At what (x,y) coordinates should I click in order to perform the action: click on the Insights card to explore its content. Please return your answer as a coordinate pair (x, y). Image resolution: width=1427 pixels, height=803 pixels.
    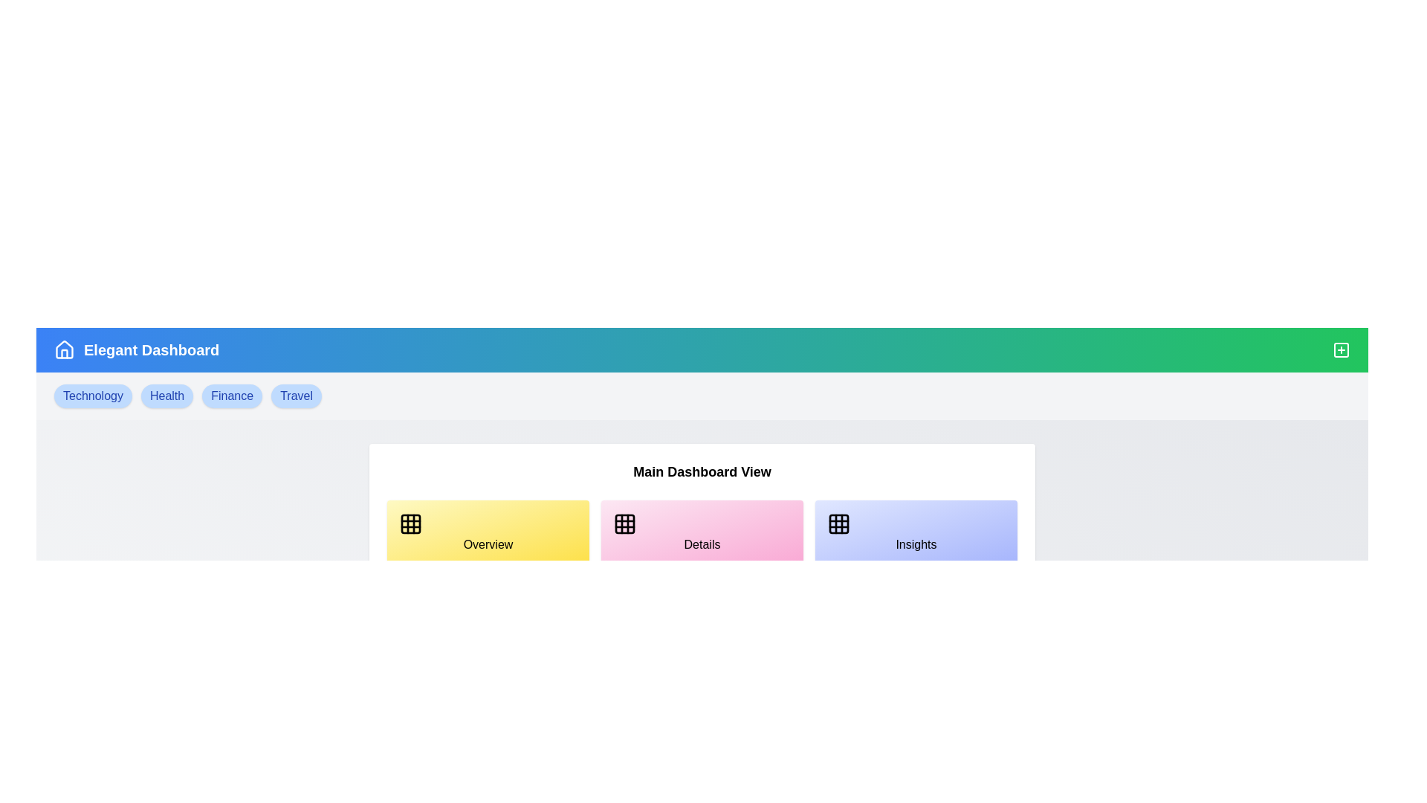
    Looking at the image, I should click on (916, 532).